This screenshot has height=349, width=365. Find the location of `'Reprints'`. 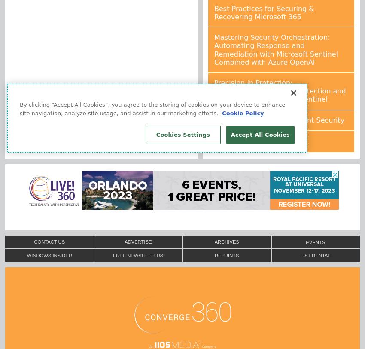

'Reprints' is located at coordinates (226, 255).